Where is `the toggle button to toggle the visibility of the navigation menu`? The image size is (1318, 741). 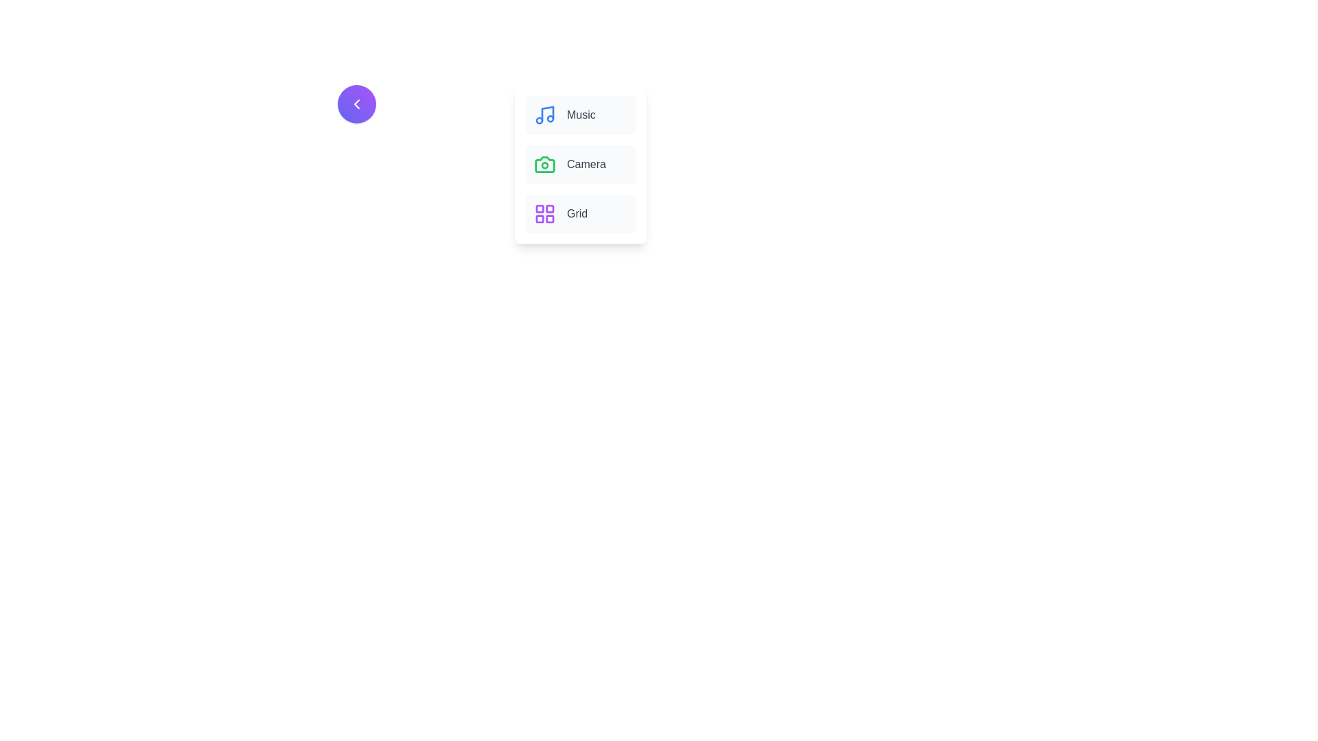 the toggle button to toggle the visibility of the navigation menu is located at coordinates (356, 103).